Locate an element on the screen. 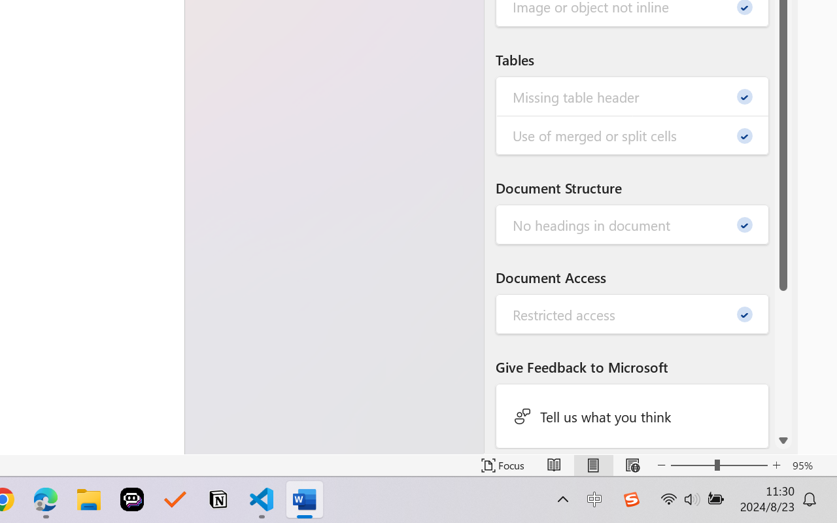  'Use of merged or split cells - 0' is located at coordinates (632, 135).